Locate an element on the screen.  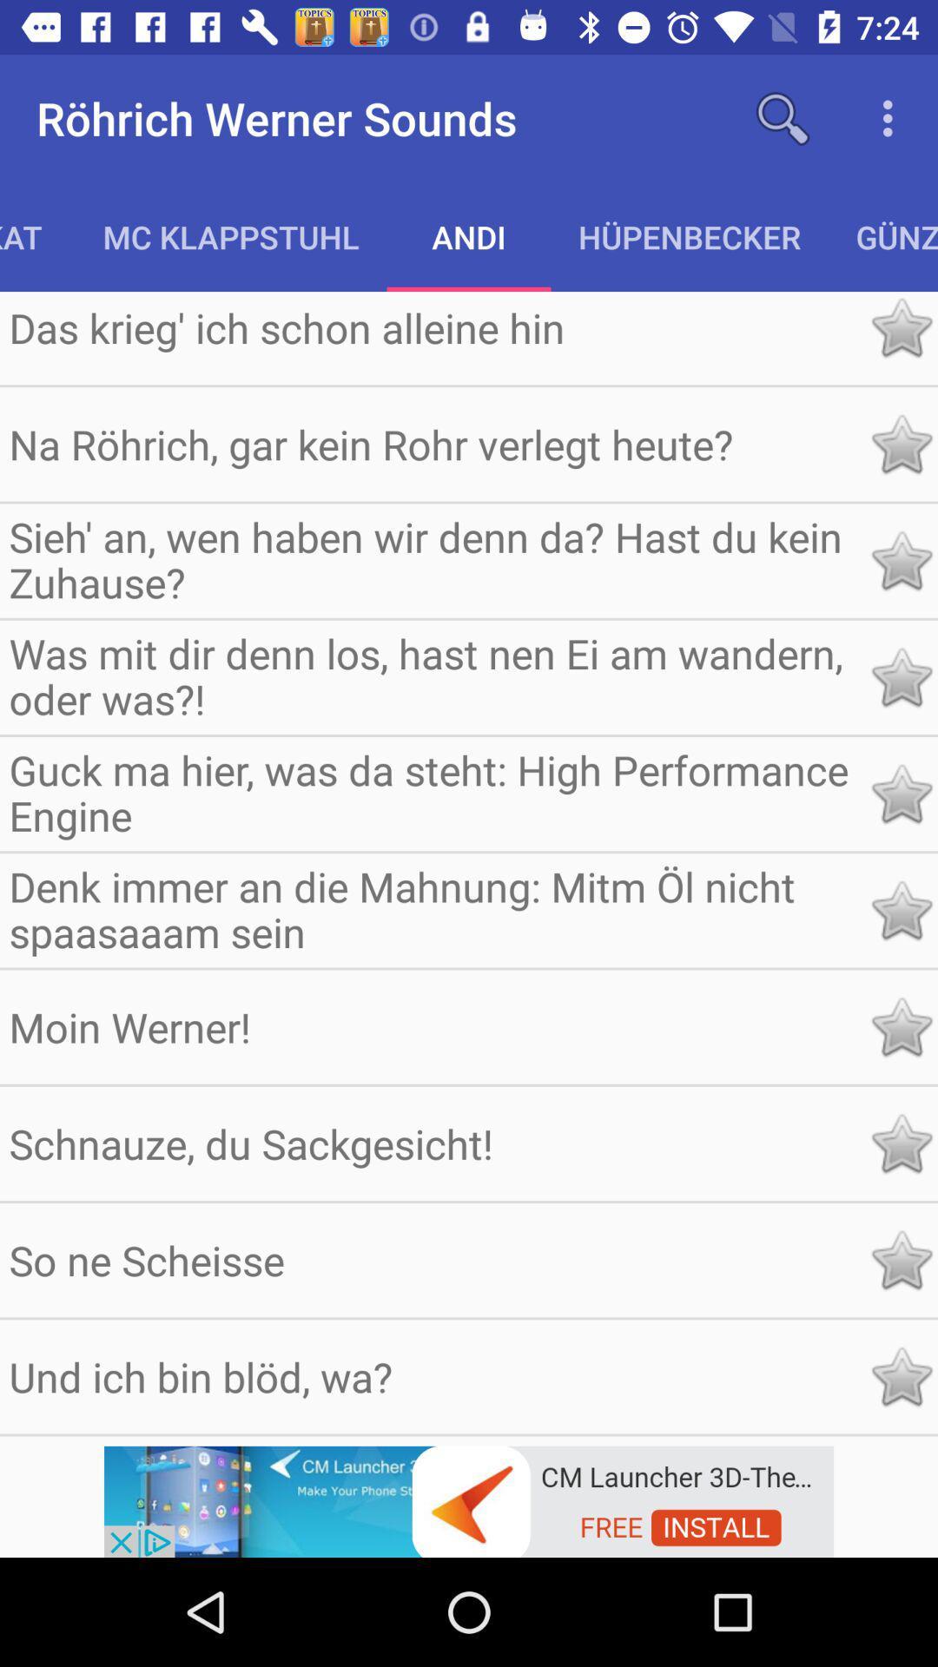
sound is located at coordinates (900, 1260).